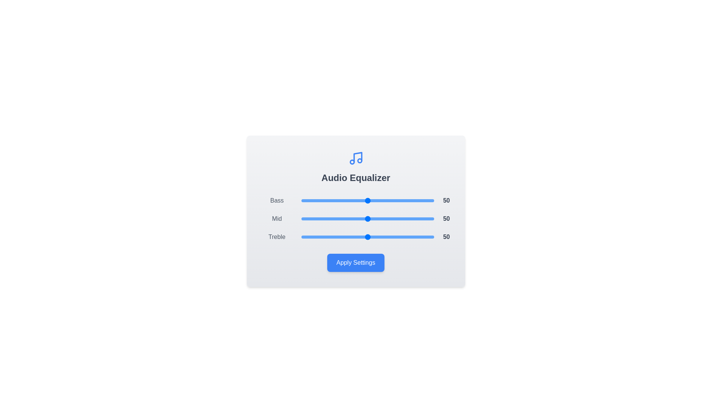 The image size is (728, 409). What do you see at coordinates (314, 219) in the screenshot?
I see `the 'Mid' slider to 10` at bounding box center [314, 219].